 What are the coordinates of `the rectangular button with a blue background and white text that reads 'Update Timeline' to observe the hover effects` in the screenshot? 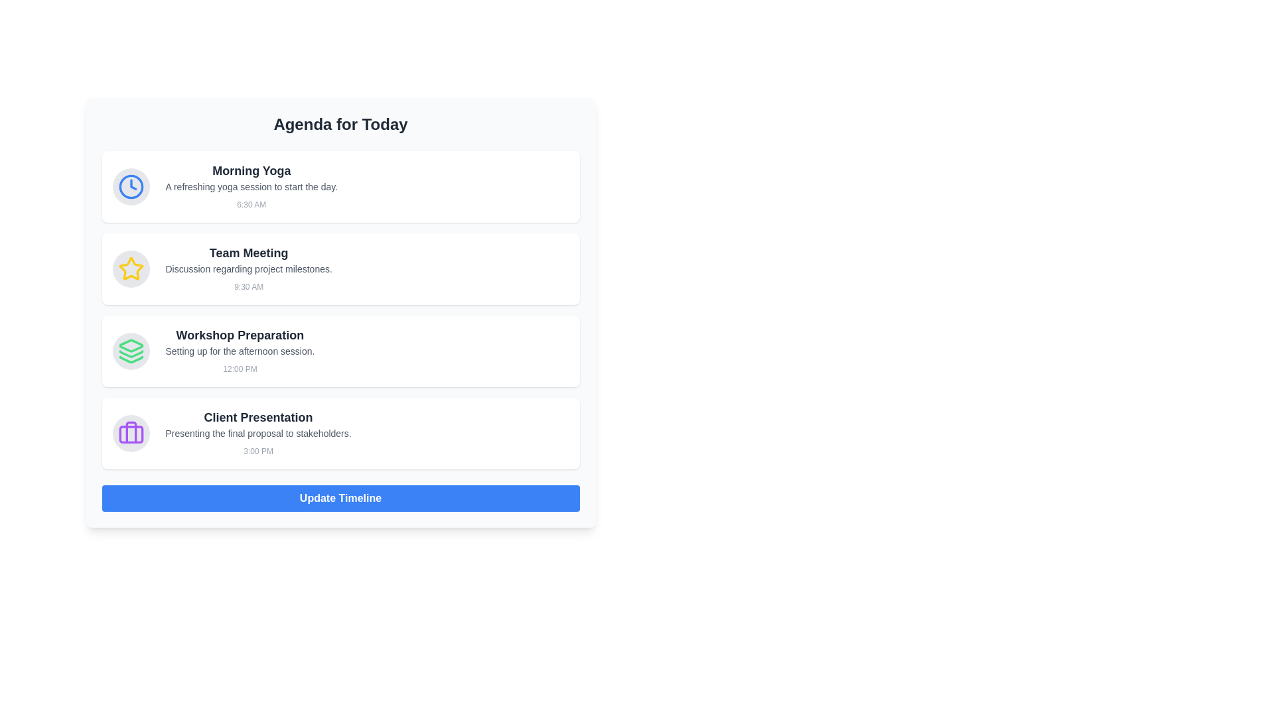 It's located at (340, 499).